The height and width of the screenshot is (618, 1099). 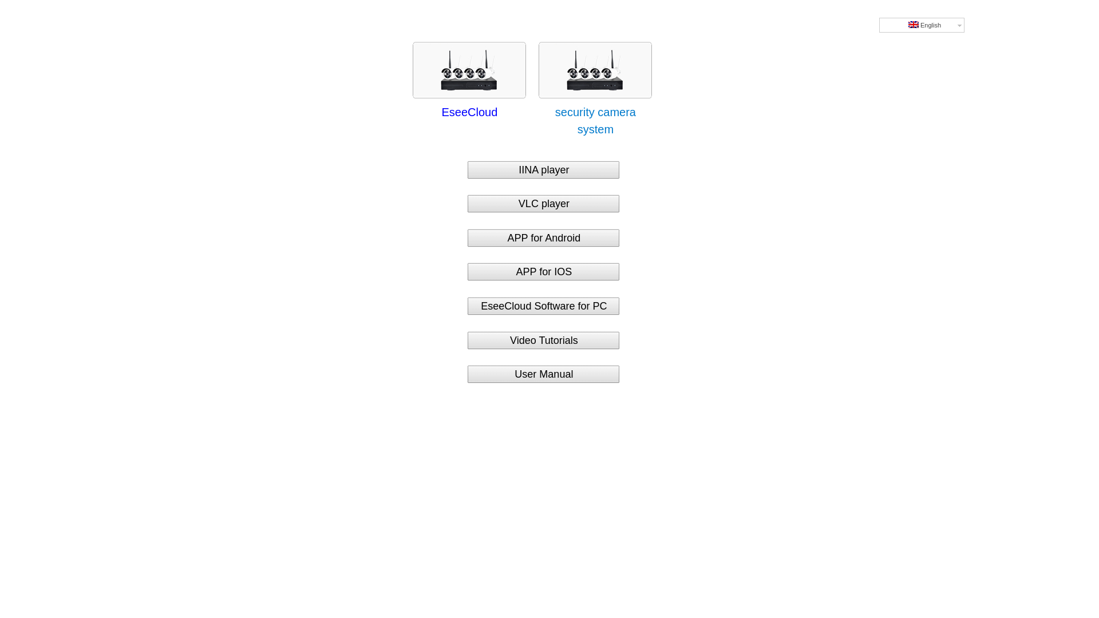 What do you see at coordinates (595, 112) in the screenshot?
I see `'security camera system'` at bounding box center [595, 112].